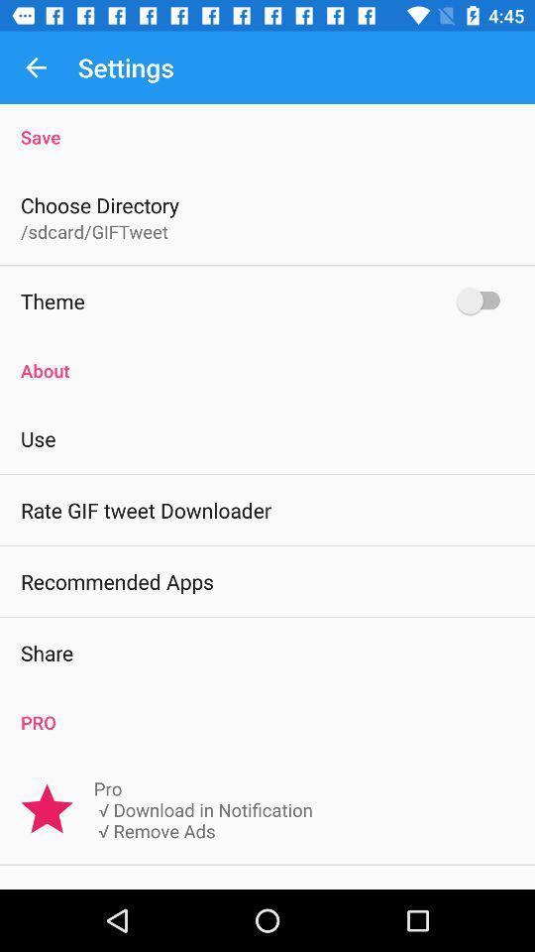 The image size is (535, 952). I want to click on save item, so click(267, 125).